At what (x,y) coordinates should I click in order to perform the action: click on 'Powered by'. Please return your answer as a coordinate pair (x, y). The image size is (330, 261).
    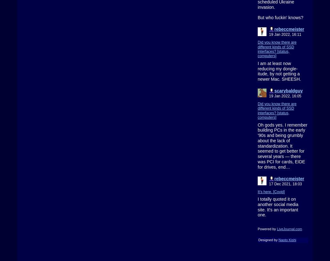
    Looking at the image, I should click on (267, 229).